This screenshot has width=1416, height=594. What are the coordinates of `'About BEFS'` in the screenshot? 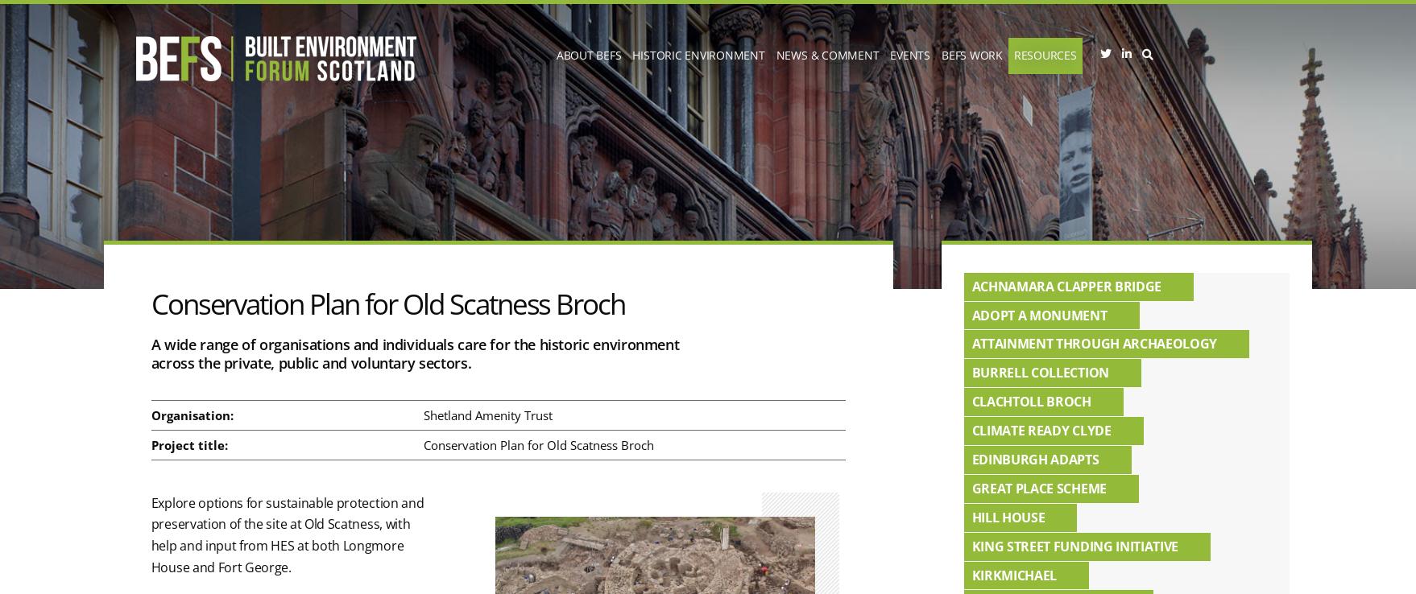 It's located at (588, 55).